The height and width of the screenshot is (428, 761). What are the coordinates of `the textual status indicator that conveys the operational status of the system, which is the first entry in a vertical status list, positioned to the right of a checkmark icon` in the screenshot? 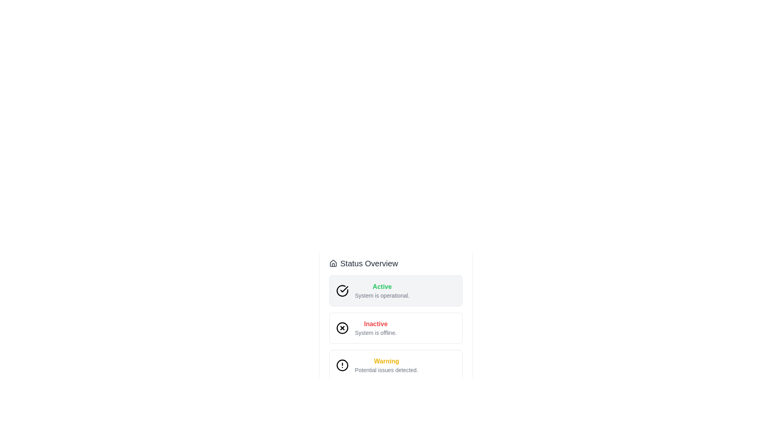 It's located at (382, 290).